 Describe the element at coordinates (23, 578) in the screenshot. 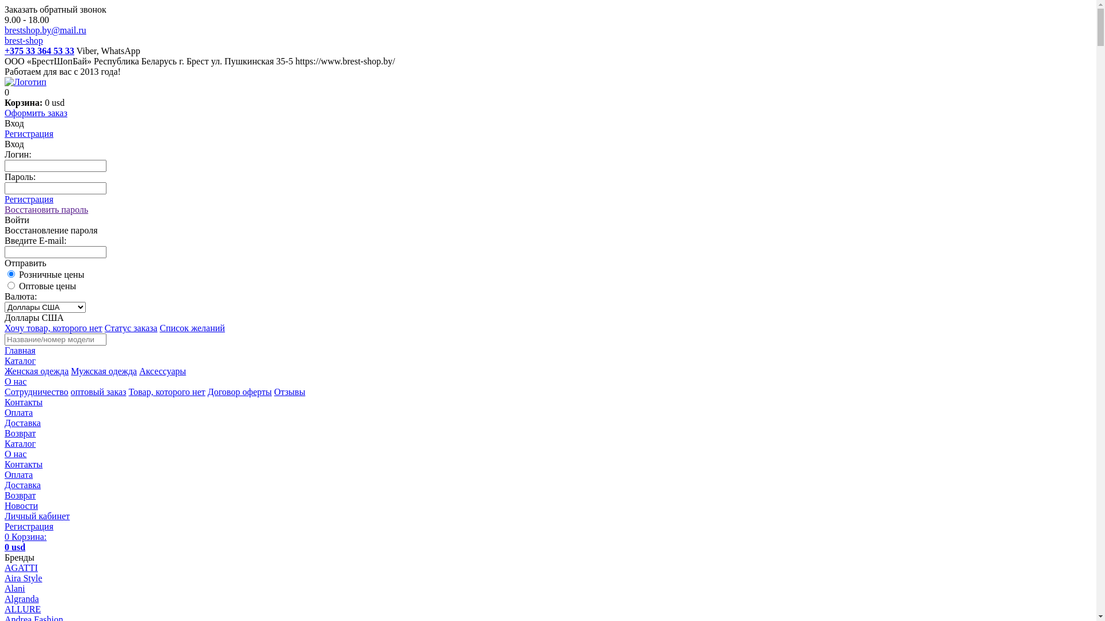

I see `'Aira Style'` at that location.